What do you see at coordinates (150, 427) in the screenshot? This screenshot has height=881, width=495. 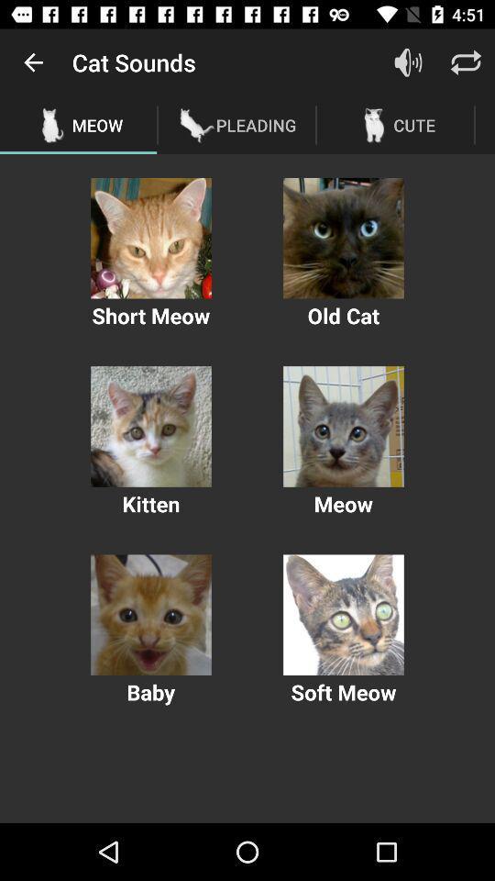 I see `expand image` at bounding box center [150, 427].